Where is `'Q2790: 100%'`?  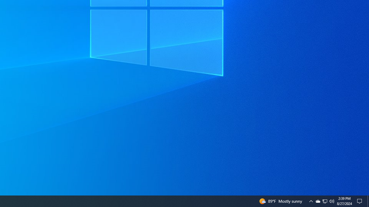
'Q2790: 100%' is located at coordinates (317, 201).